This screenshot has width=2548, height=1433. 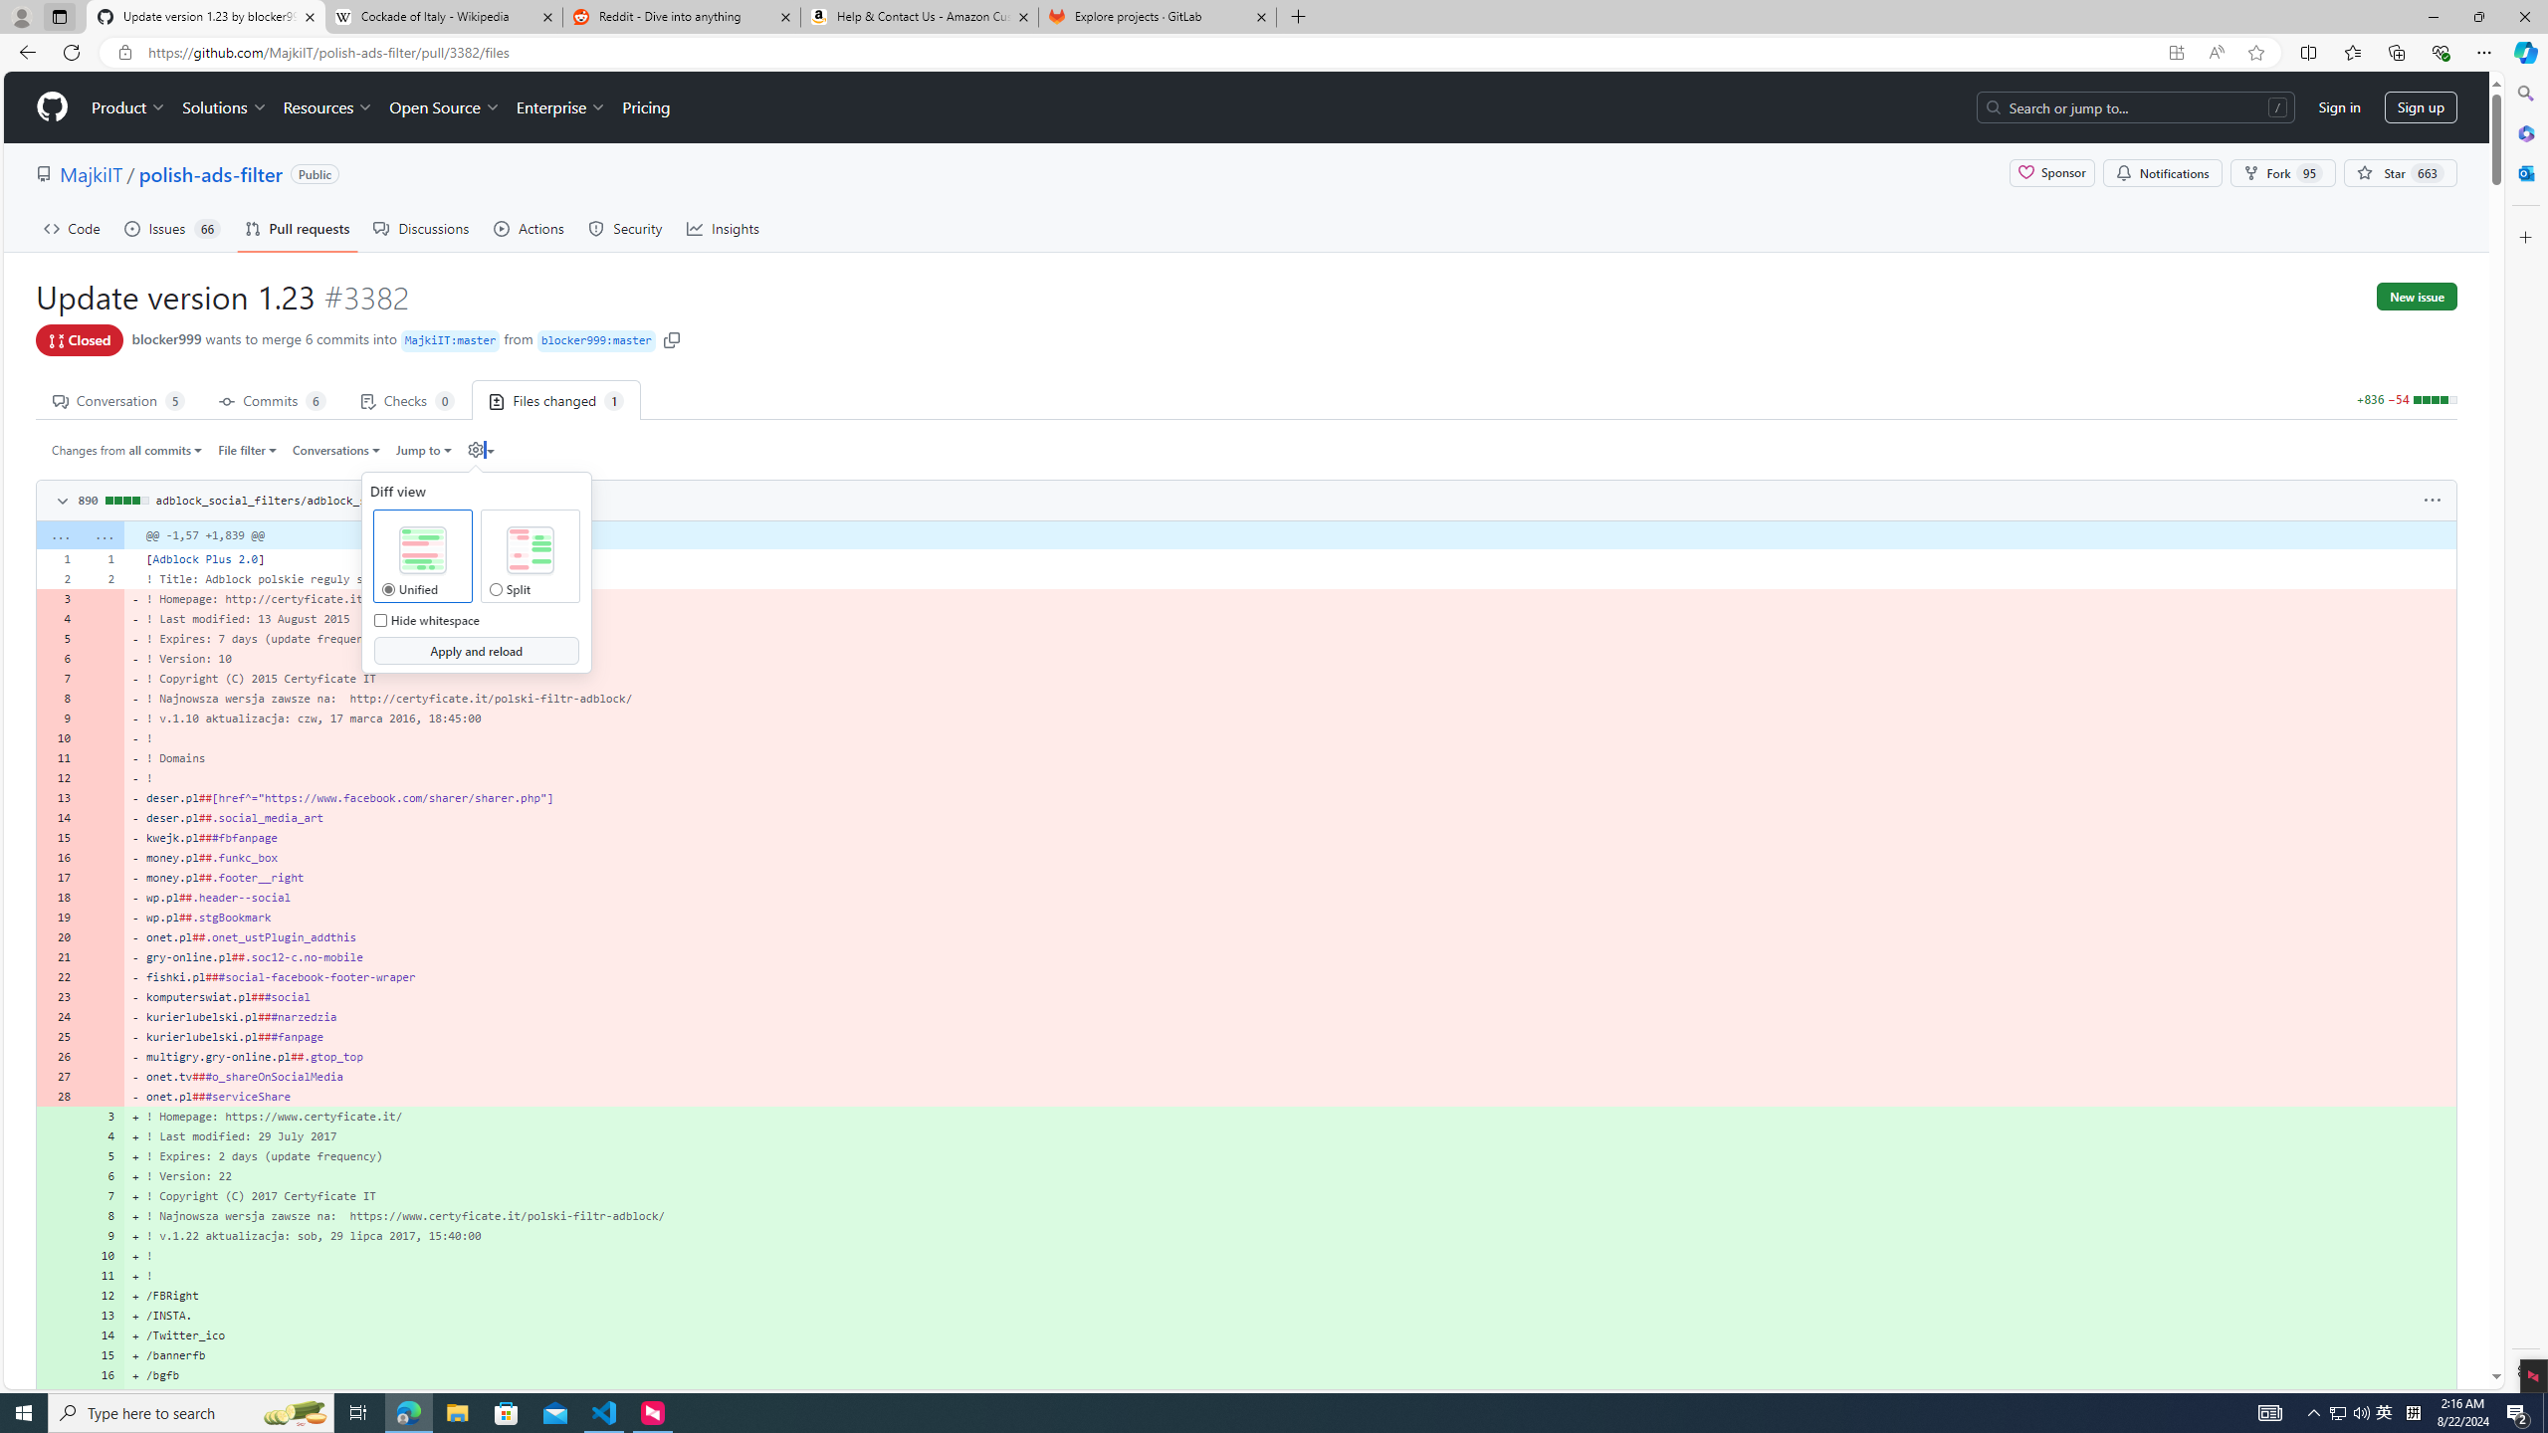 I want to click on '13', so click(x=102, y=1315).